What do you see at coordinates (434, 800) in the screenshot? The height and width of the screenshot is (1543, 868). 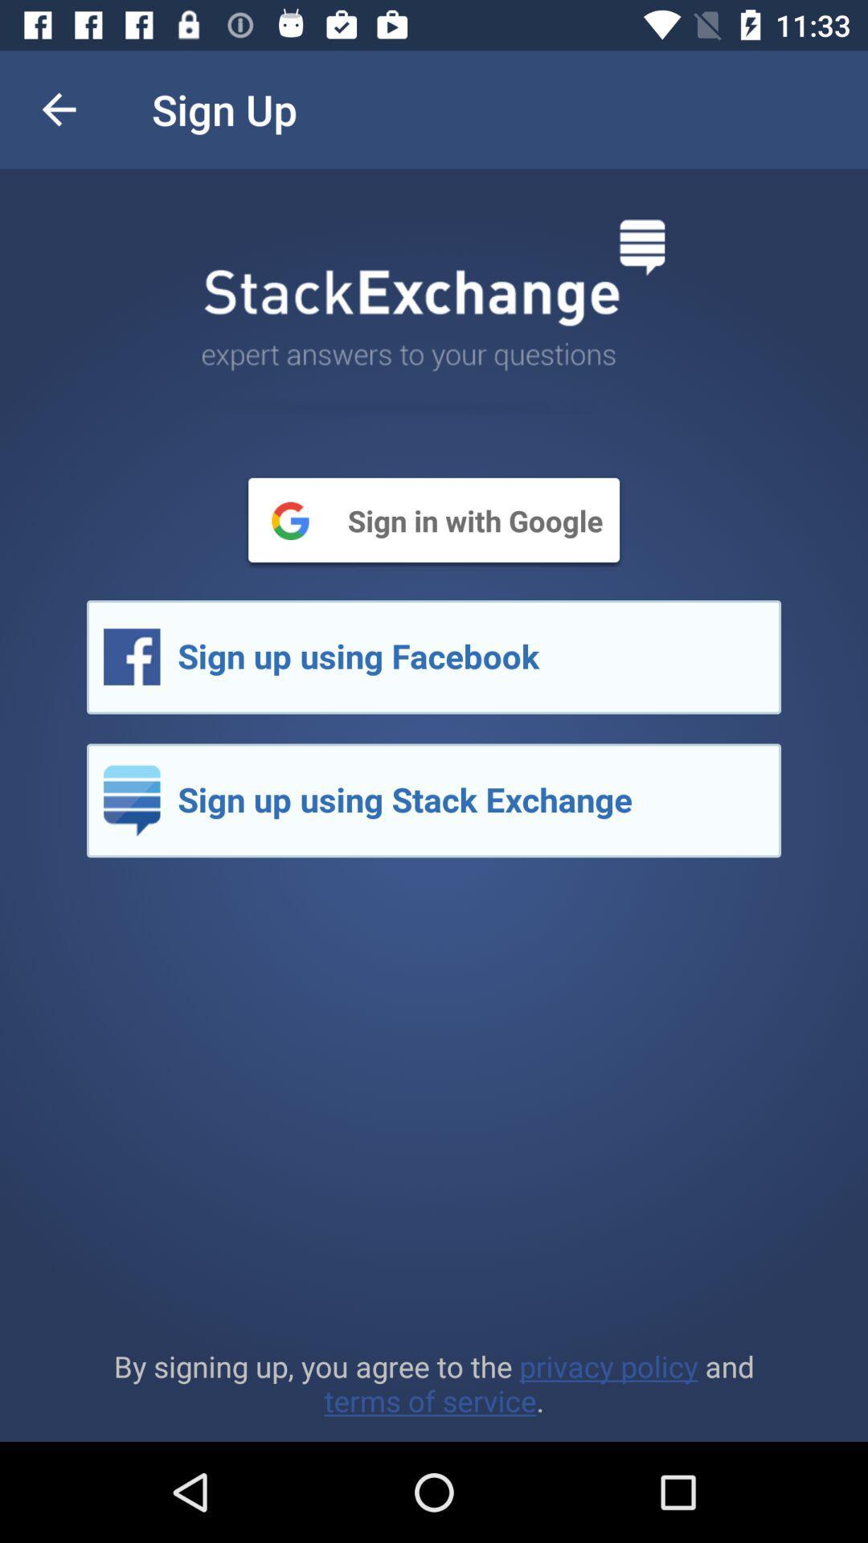 I see `sign up using stack exchange credentials` at bounding box center [434, 800].